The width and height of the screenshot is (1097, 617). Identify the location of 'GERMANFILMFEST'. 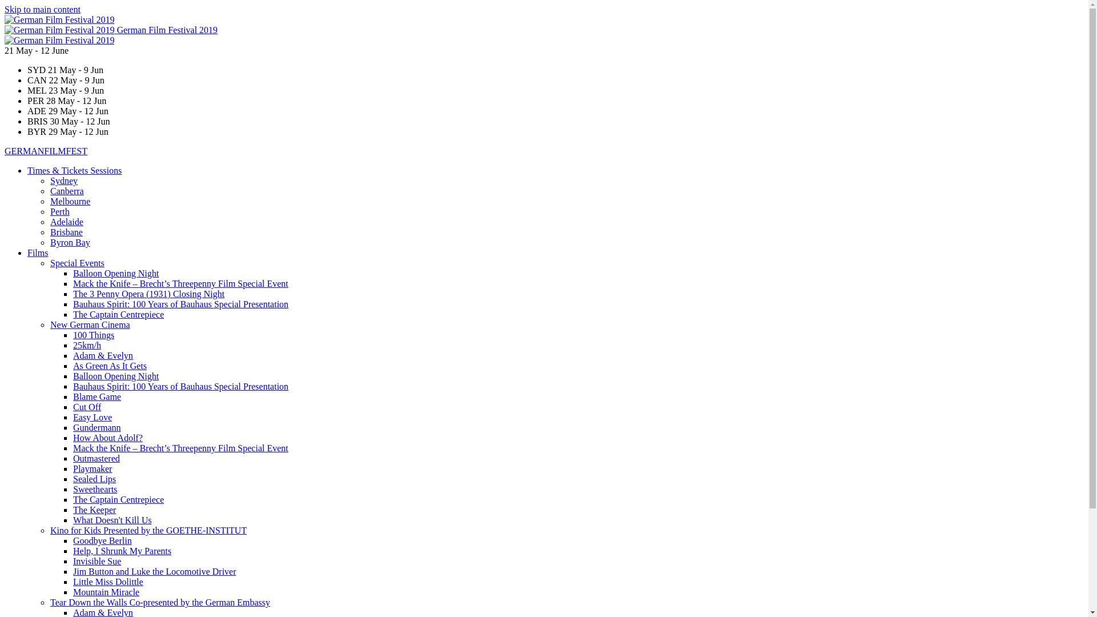
(46, 150).